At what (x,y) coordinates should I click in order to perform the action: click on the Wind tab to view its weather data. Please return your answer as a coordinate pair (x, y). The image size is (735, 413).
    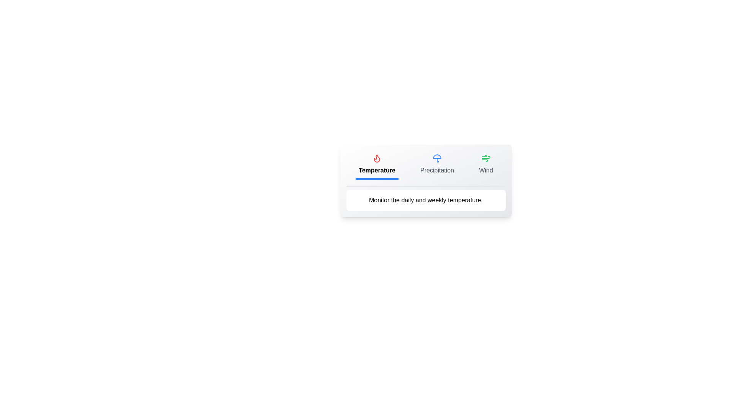
    Looking at the image, I should click on (485, 165).